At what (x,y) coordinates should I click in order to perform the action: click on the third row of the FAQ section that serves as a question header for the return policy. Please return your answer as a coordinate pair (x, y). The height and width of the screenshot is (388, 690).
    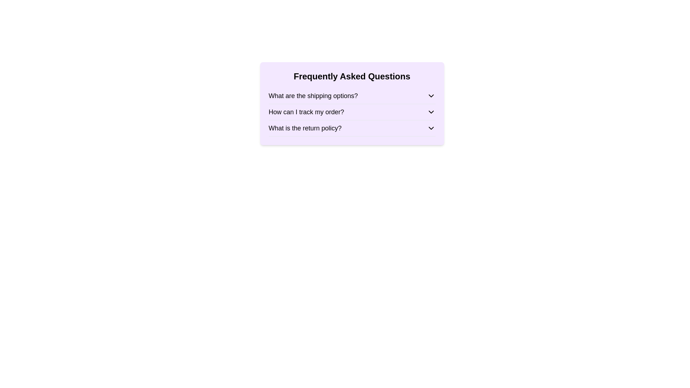
    Looking at the image, I should click on (305, 128).